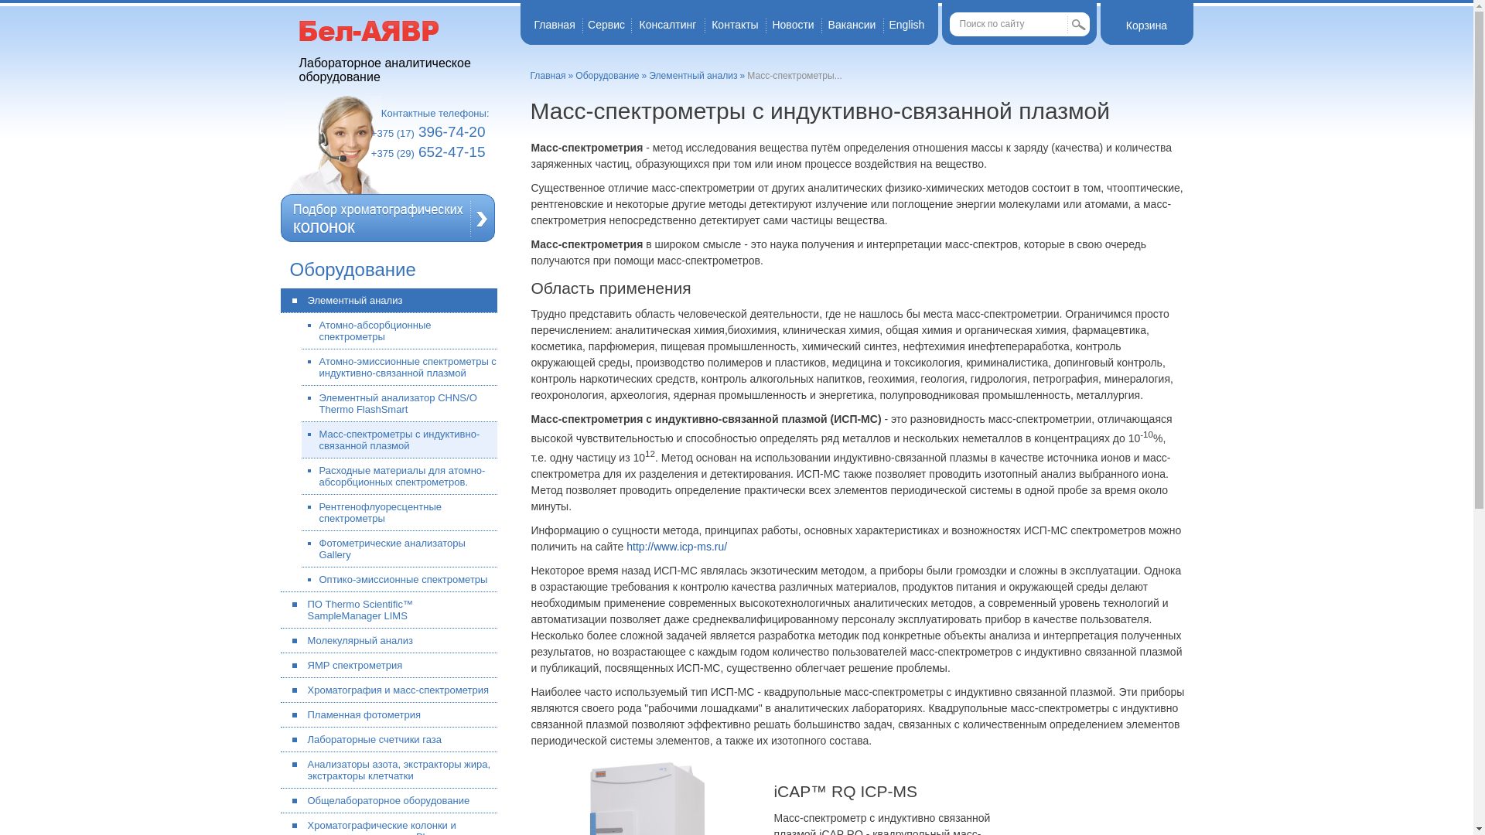 The width and height of the screenshot is (1485, 835). Describe the element at coordinates (888, 24) in the screenshot. I see `'English'` at that location.